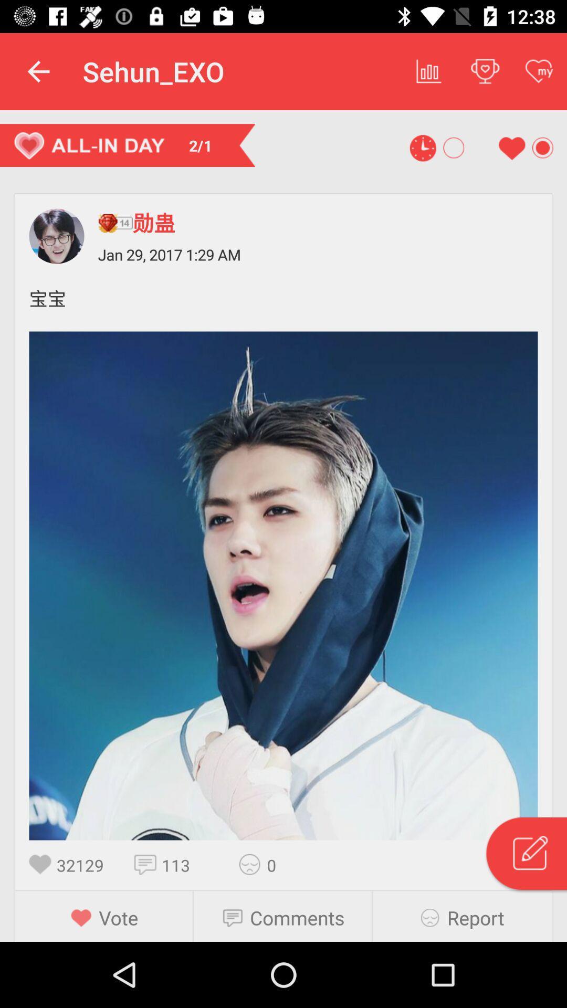 This screenshot has height=1008, width=567. What do you see at coordinates (115, 222) in the screenshot?
I see `the icon below 2/1` at bounding box center [115, 222].